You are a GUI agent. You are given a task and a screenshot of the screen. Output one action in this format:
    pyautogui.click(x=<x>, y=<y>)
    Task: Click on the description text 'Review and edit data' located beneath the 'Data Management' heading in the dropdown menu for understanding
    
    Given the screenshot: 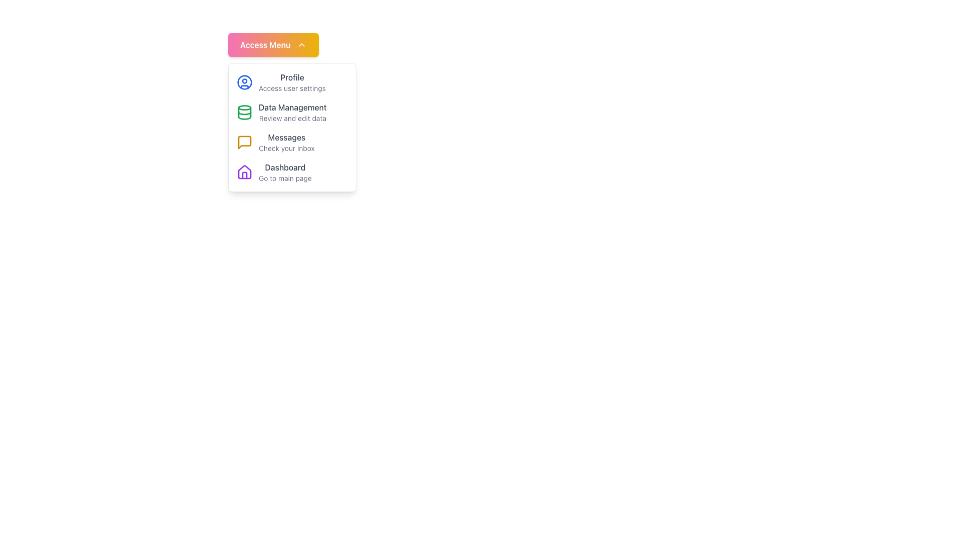 What is the action you would take?
    pyautogui.click(x=292, y=117)
    